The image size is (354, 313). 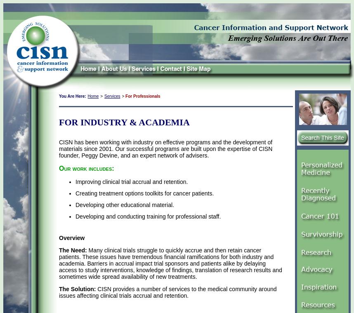 I want to click on 'Overview', so click(x=59, y=237).